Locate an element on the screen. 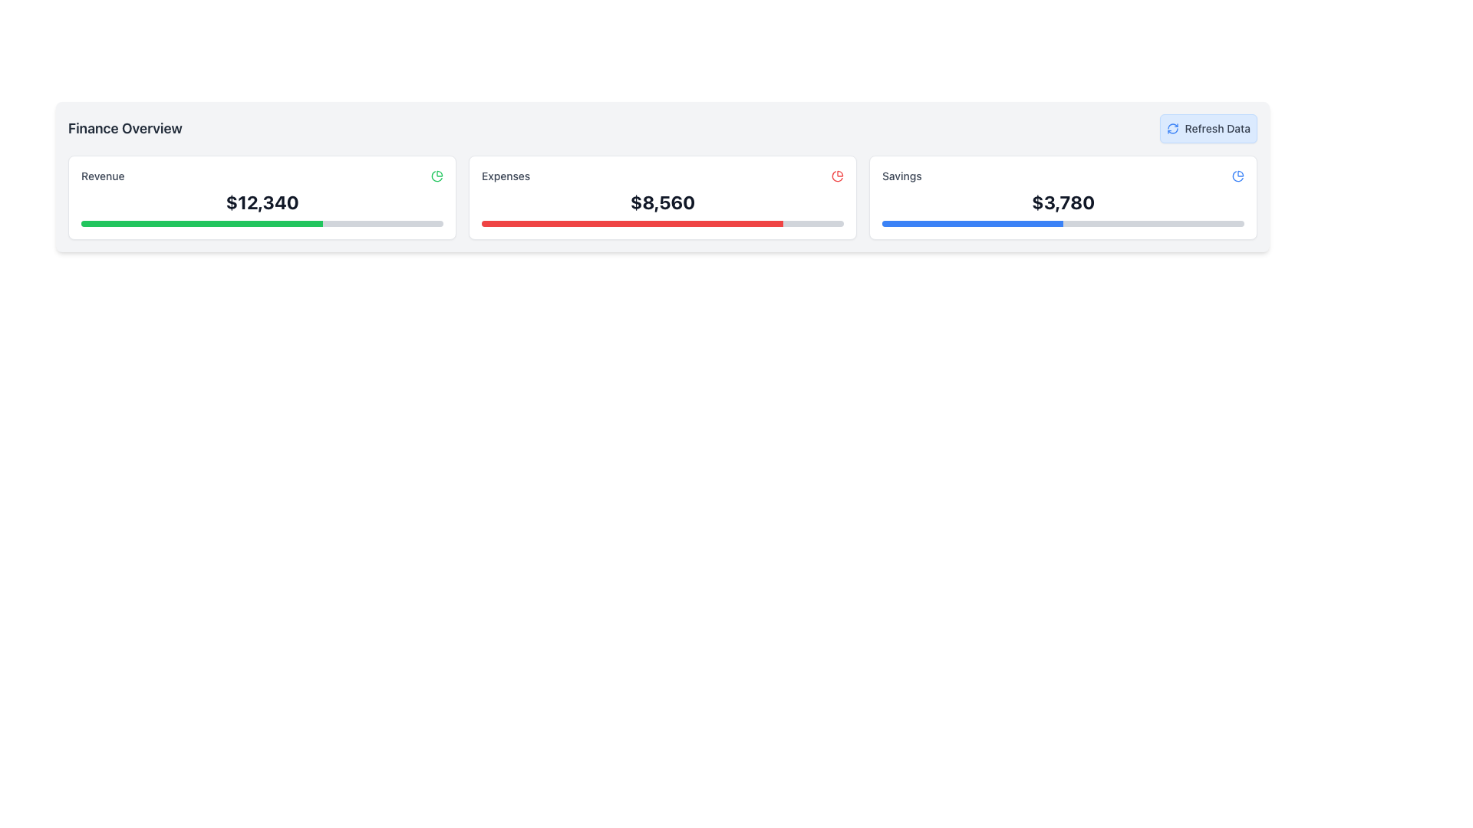 This screenshot has height=828, width=1473. the horizontal progress bar located below the '$8,560' text in the 'Expenses' card is located at coordinates (663, 224).